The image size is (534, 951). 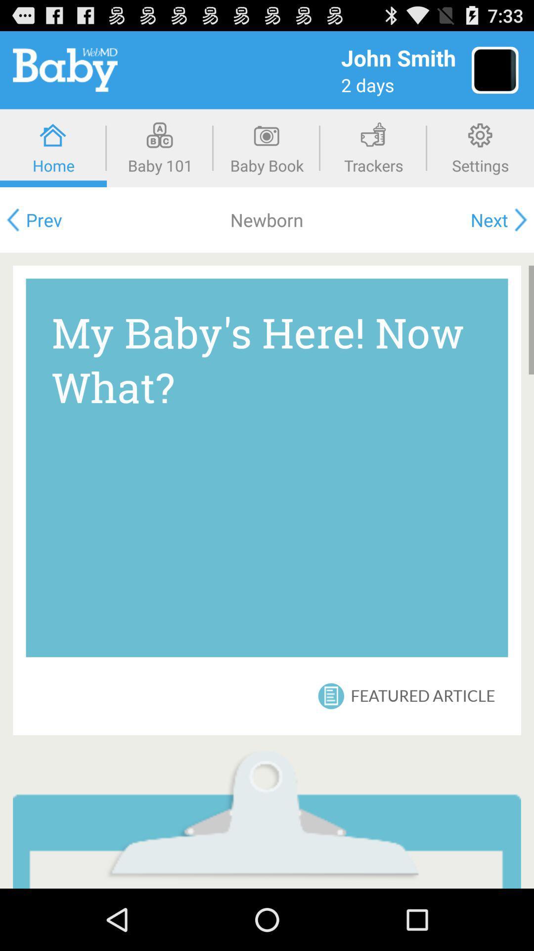 I want to click on the my baby s item, so click(x=267, y=467).